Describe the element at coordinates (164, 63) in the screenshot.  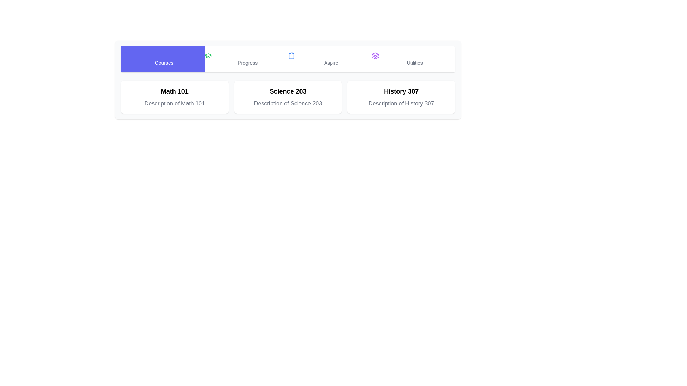
I see `the 'Courses' text component, which is styled with a bold font and has a left margin` at that location.